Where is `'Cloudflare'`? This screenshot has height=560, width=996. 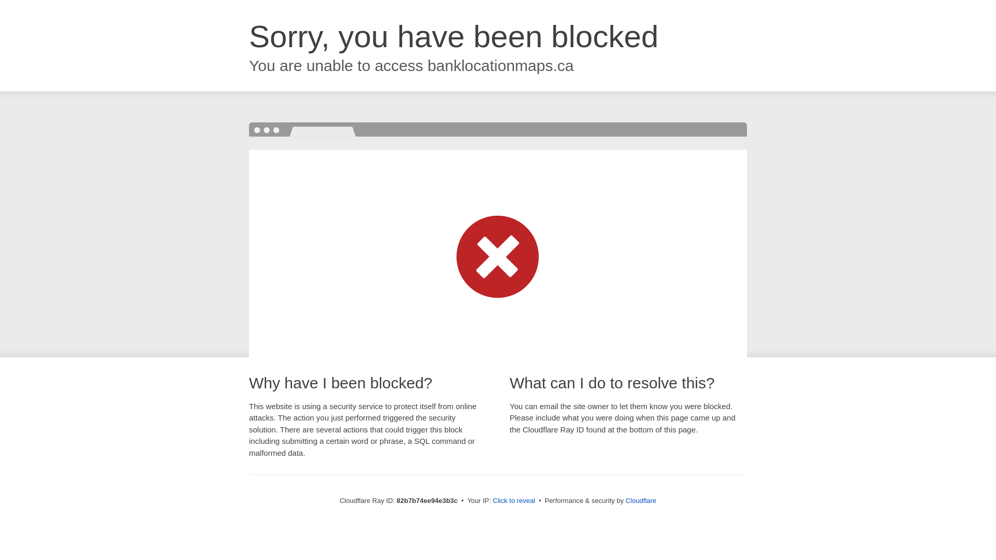
'Cloudflare' is located at coordinates (640, 500).